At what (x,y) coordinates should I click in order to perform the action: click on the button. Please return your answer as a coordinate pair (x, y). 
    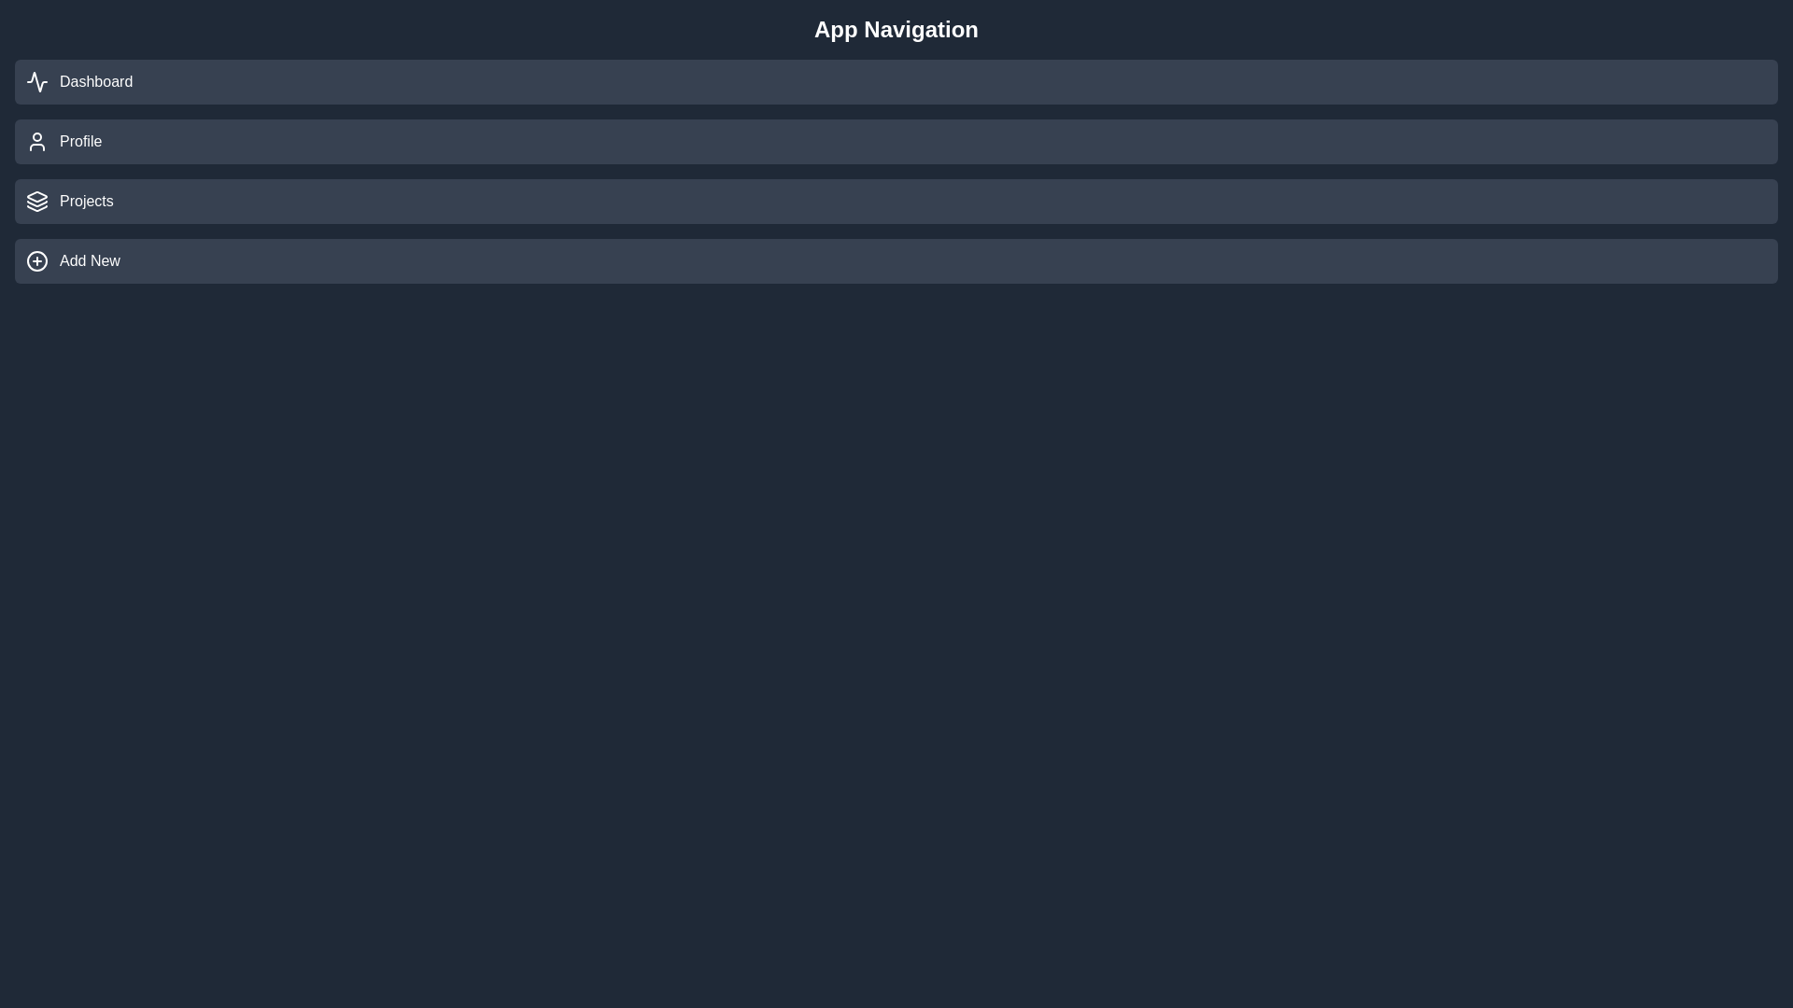
    Looking at the image, I should click on (896, 261).